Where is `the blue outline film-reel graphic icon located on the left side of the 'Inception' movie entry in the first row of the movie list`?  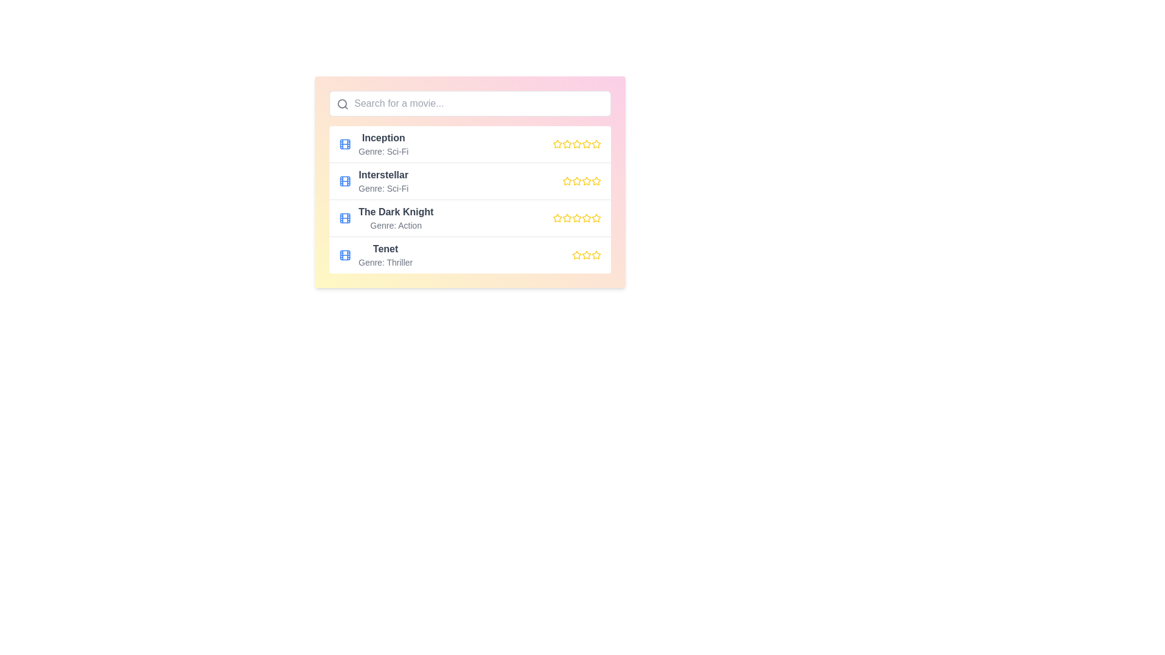
the blue outline film-reel graphic icon located on the left side of the 'Inception' movie entry in the first row of the movie list is located at coordinates (345, 144).